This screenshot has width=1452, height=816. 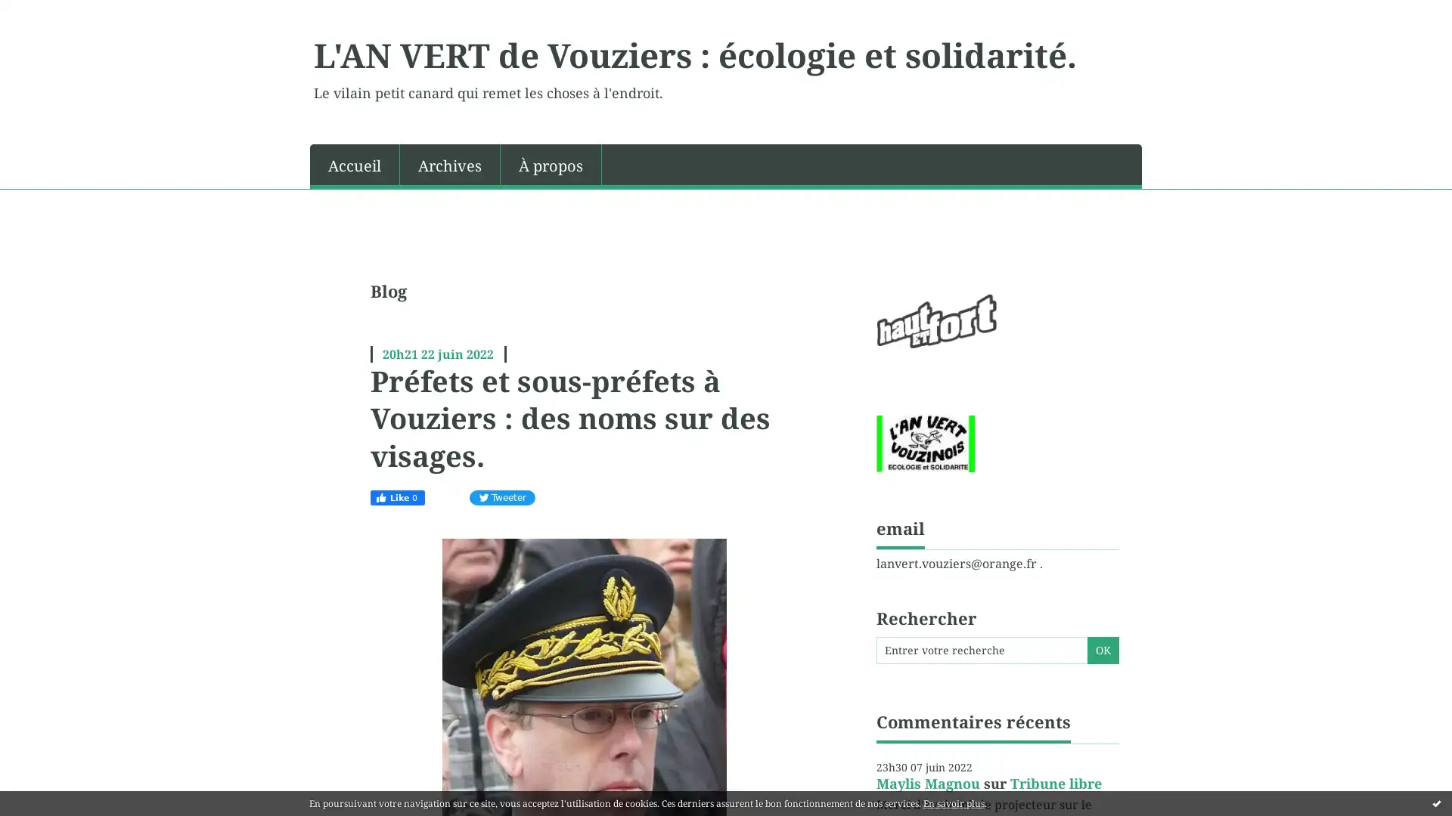 What do you see at coordinates (1103, 649) in the screenshot?
I see `OK` at bounding box center [1103, 649].